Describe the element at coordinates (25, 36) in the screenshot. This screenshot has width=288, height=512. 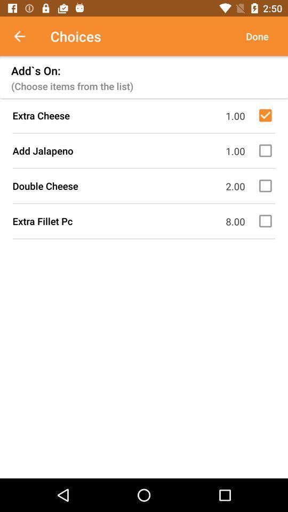
I see `icon next to choices icon` at that location.